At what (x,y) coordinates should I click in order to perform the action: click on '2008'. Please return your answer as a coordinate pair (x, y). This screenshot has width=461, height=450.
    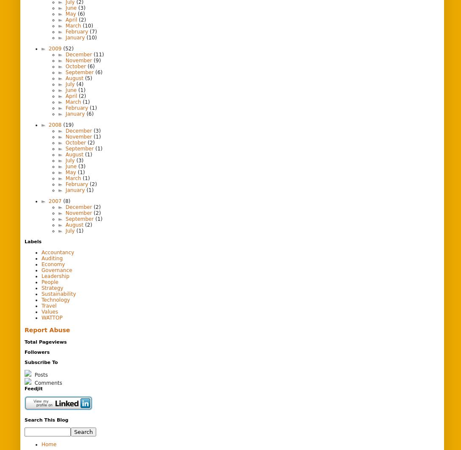
    Looking at the image, I should click on (56, 124).